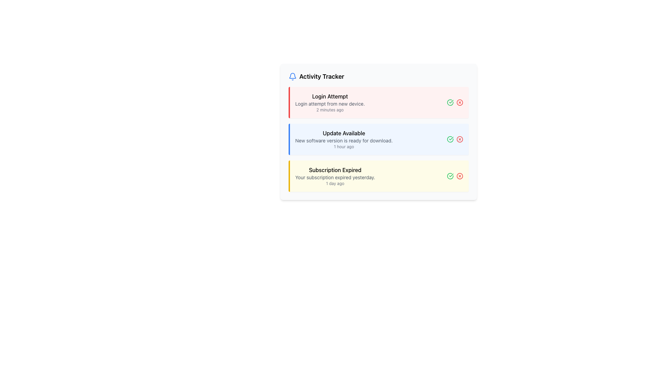  What do you see at coordinates (330, 104) in the screenshot?
I see `the Text label that provides information about a login attempt notification from a new device, positioned below 'Login Attempt' and above '2 minutes ago'` at bounding box center [330, 104].